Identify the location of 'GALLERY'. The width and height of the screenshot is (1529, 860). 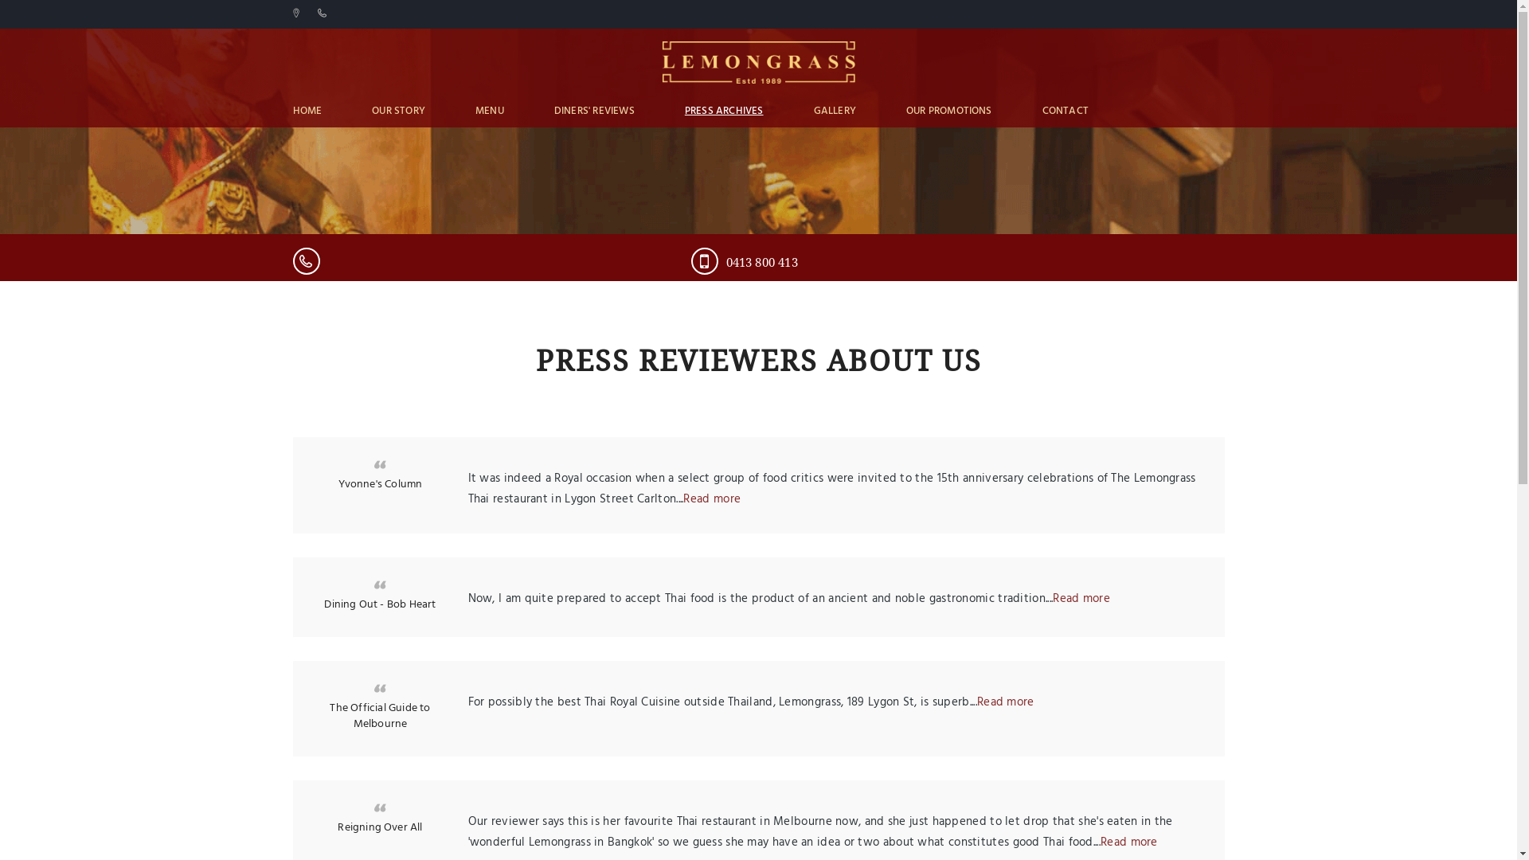
(834, 110).